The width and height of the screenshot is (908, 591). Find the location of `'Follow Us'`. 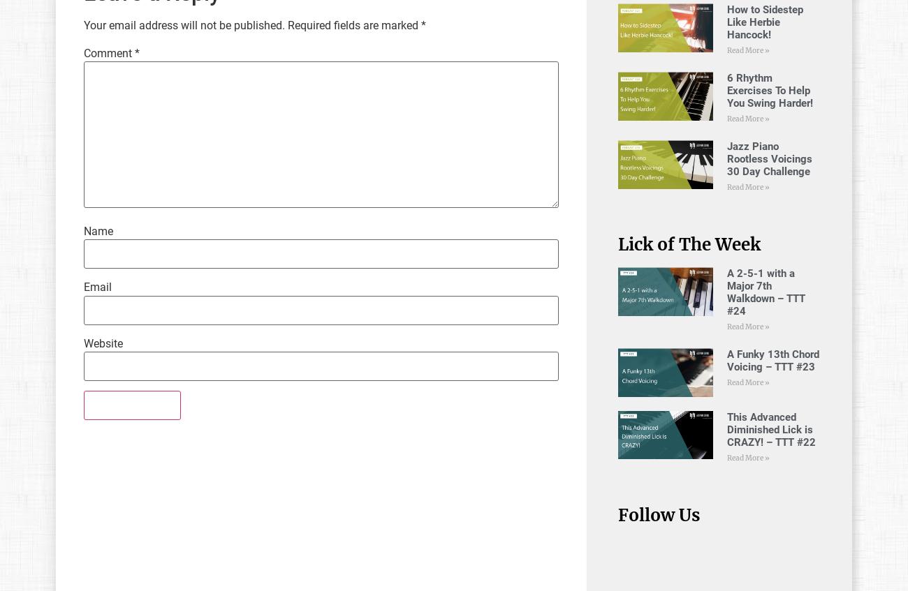

'Follow Us' is located at coordinates (658, 514).